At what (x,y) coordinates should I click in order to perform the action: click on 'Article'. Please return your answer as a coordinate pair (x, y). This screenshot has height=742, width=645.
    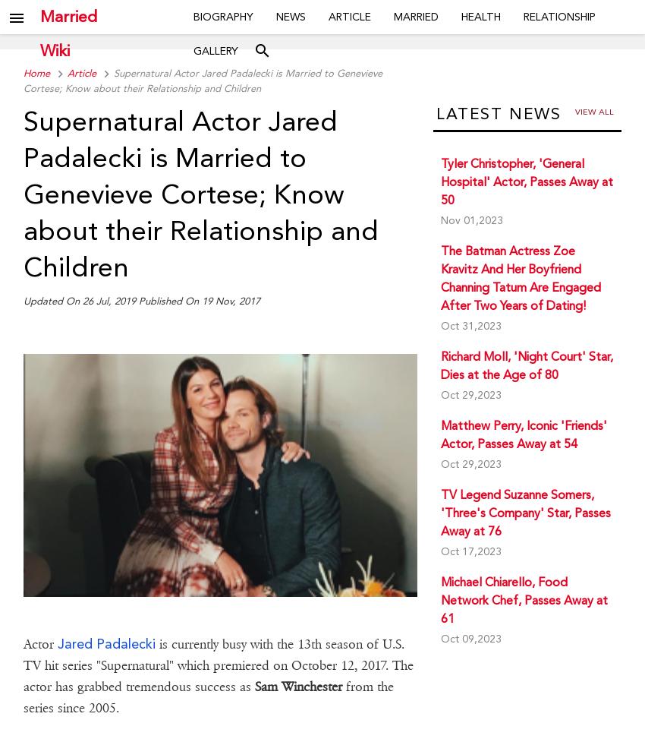
    Looking at the image, I should click on (65, 73).